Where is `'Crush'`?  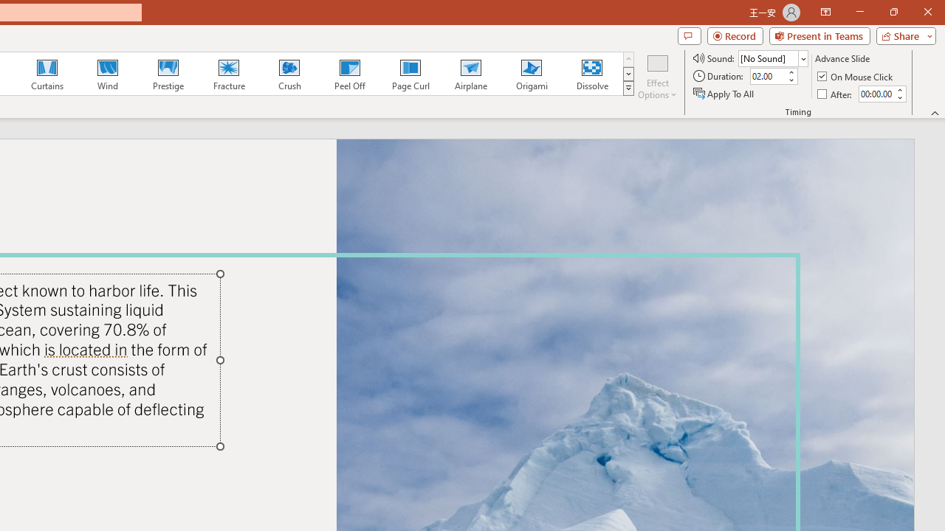 'Crush' is located at coordinates (289, 74).